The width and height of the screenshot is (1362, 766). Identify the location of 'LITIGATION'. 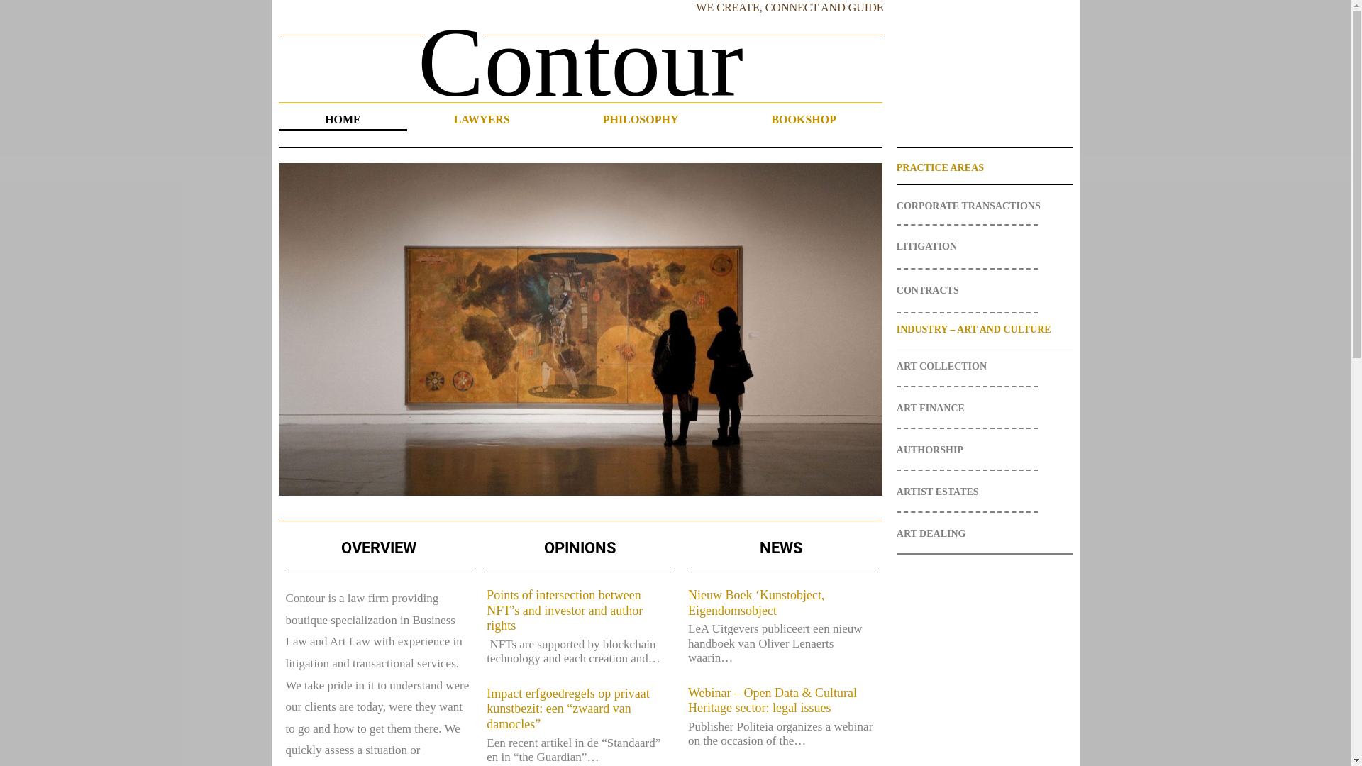
(895, 245).